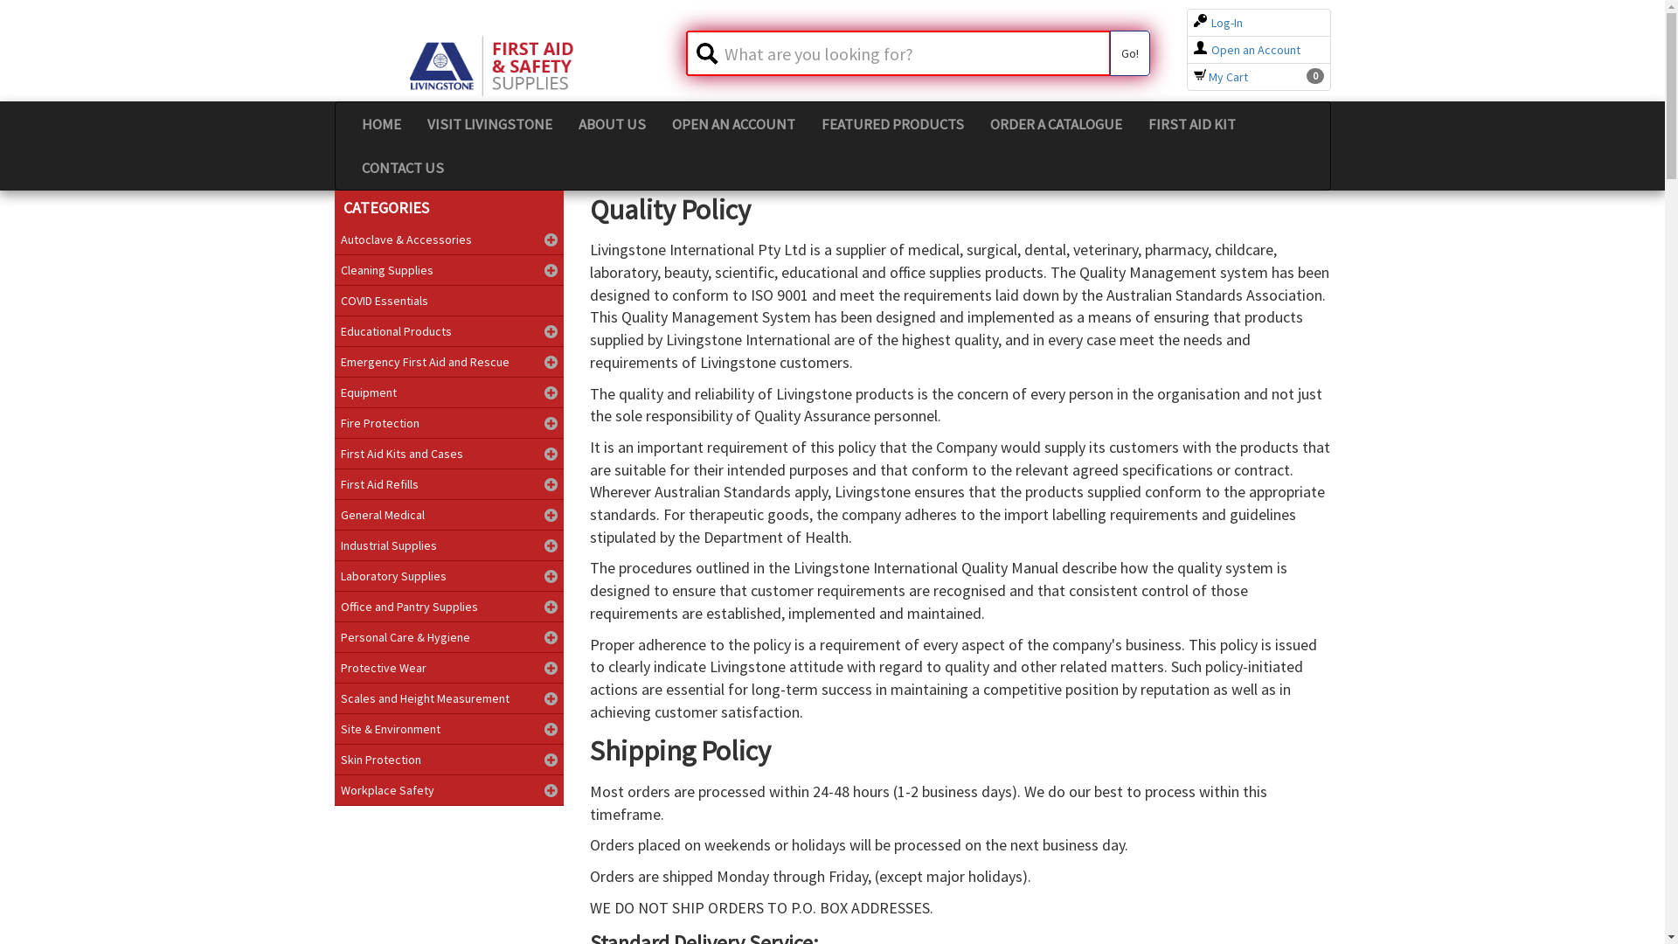 This screenshot has height=944, width=1678. Describe the element at coordinates (1129, 52) in the screenshot. I see `'Go!'` at that location.